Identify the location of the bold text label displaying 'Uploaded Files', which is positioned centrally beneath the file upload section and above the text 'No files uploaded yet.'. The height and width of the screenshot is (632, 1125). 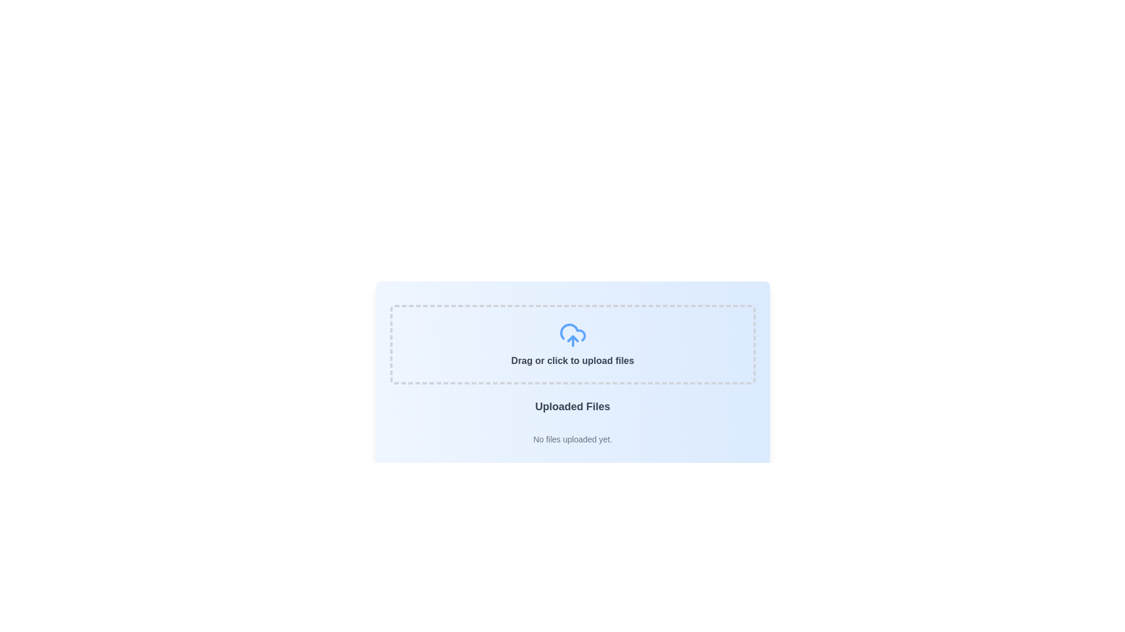
(572, 406).